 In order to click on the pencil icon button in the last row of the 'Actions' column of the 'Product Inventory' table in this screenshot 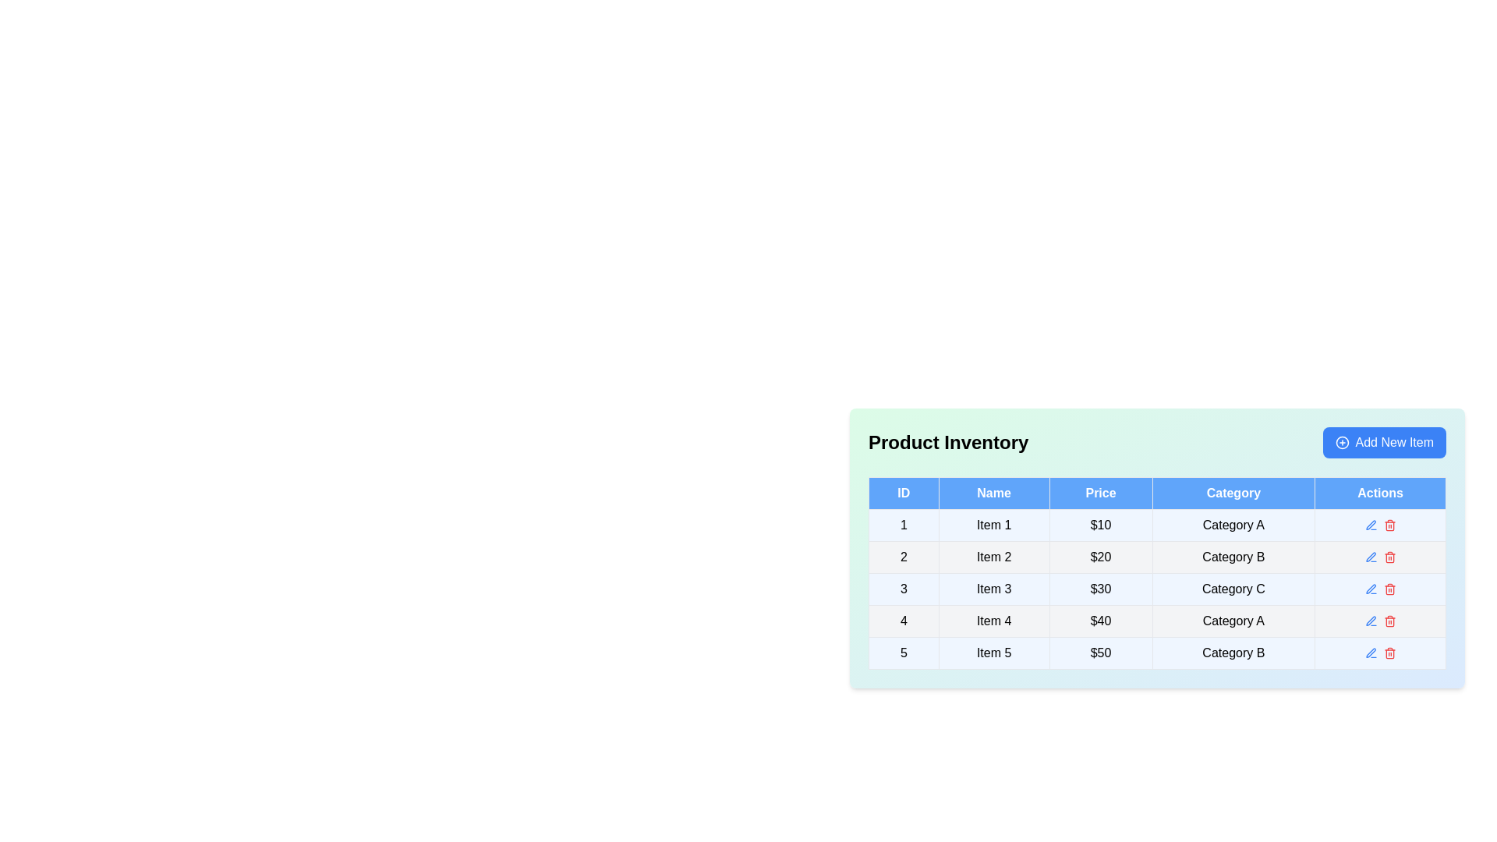, I will do `click(1370, 653)`.